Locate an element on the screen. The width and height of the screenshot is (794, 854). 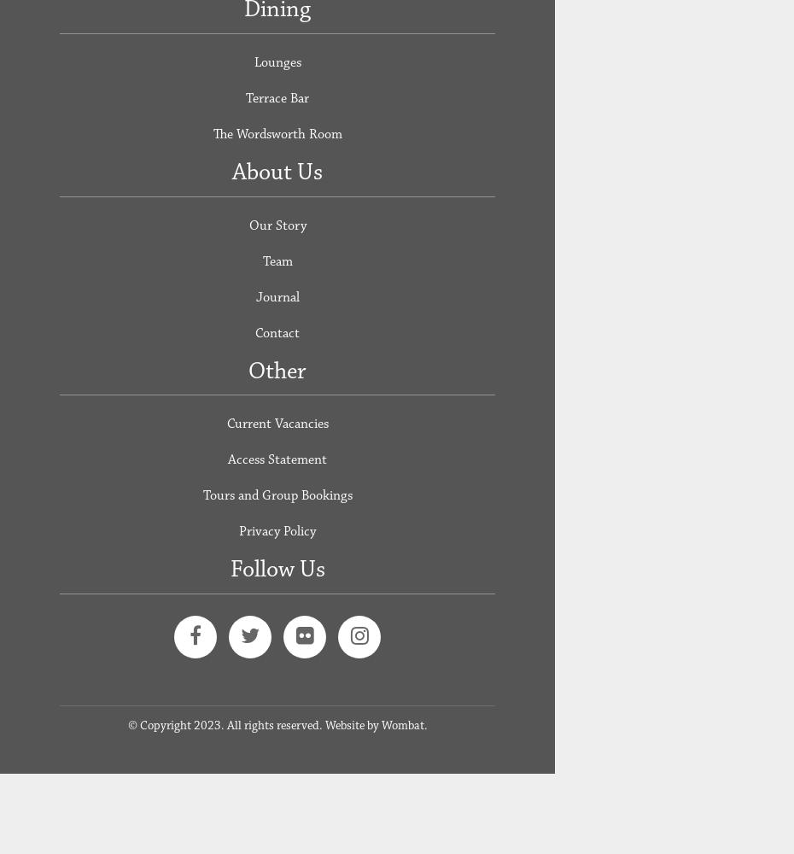
'.' is located at coordinates (424, 724).